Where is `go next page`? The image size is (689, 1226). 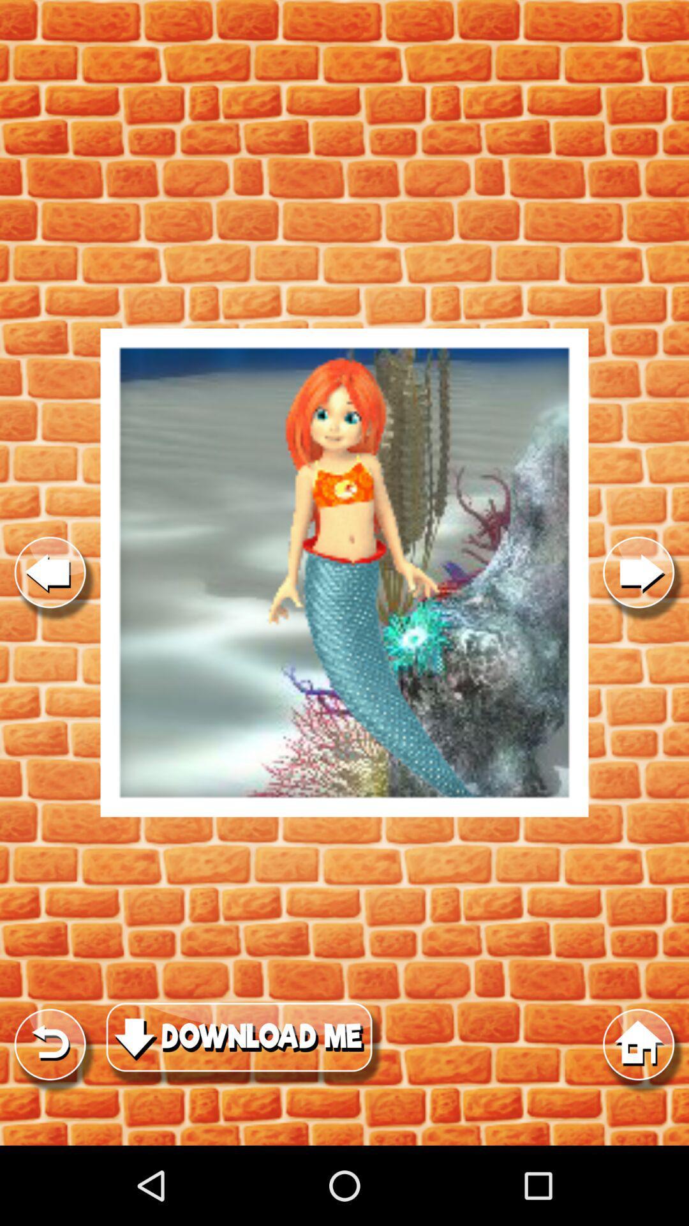
go next page is located at coordinates (639, 572).